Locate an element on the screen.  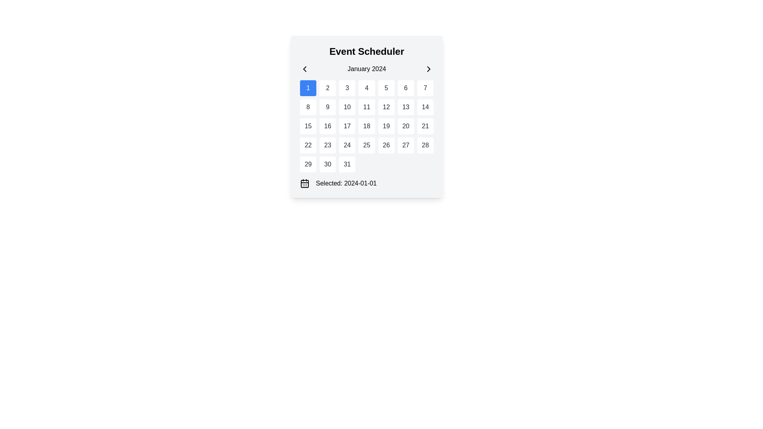
the square tile with a white background and the number '18' in dark grey font is located at coordinates (366, 126).